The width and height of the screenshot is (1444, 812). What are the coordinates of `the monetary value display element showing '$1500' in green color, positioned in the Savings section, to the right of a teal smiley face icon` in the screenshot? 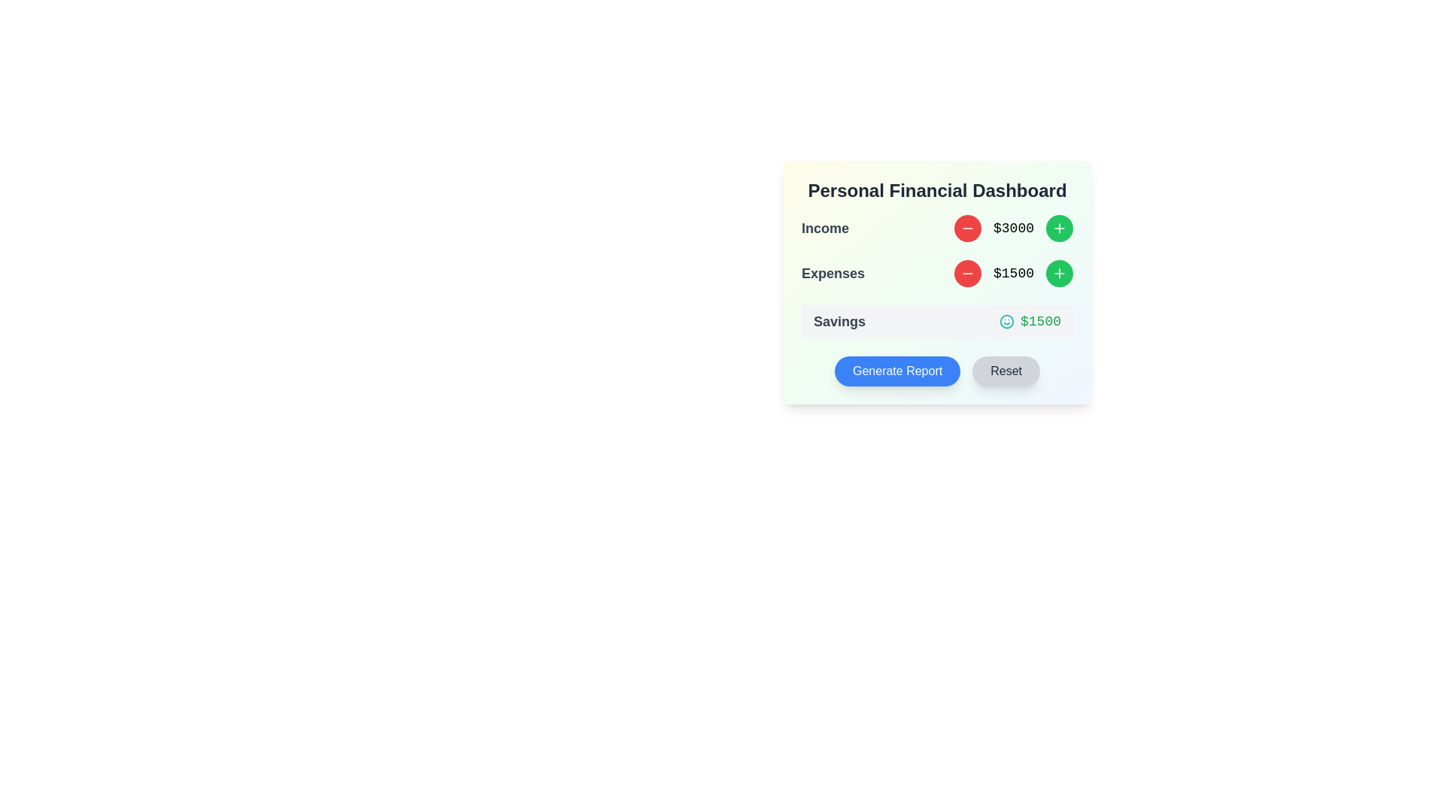 It's located at (1039, 321).